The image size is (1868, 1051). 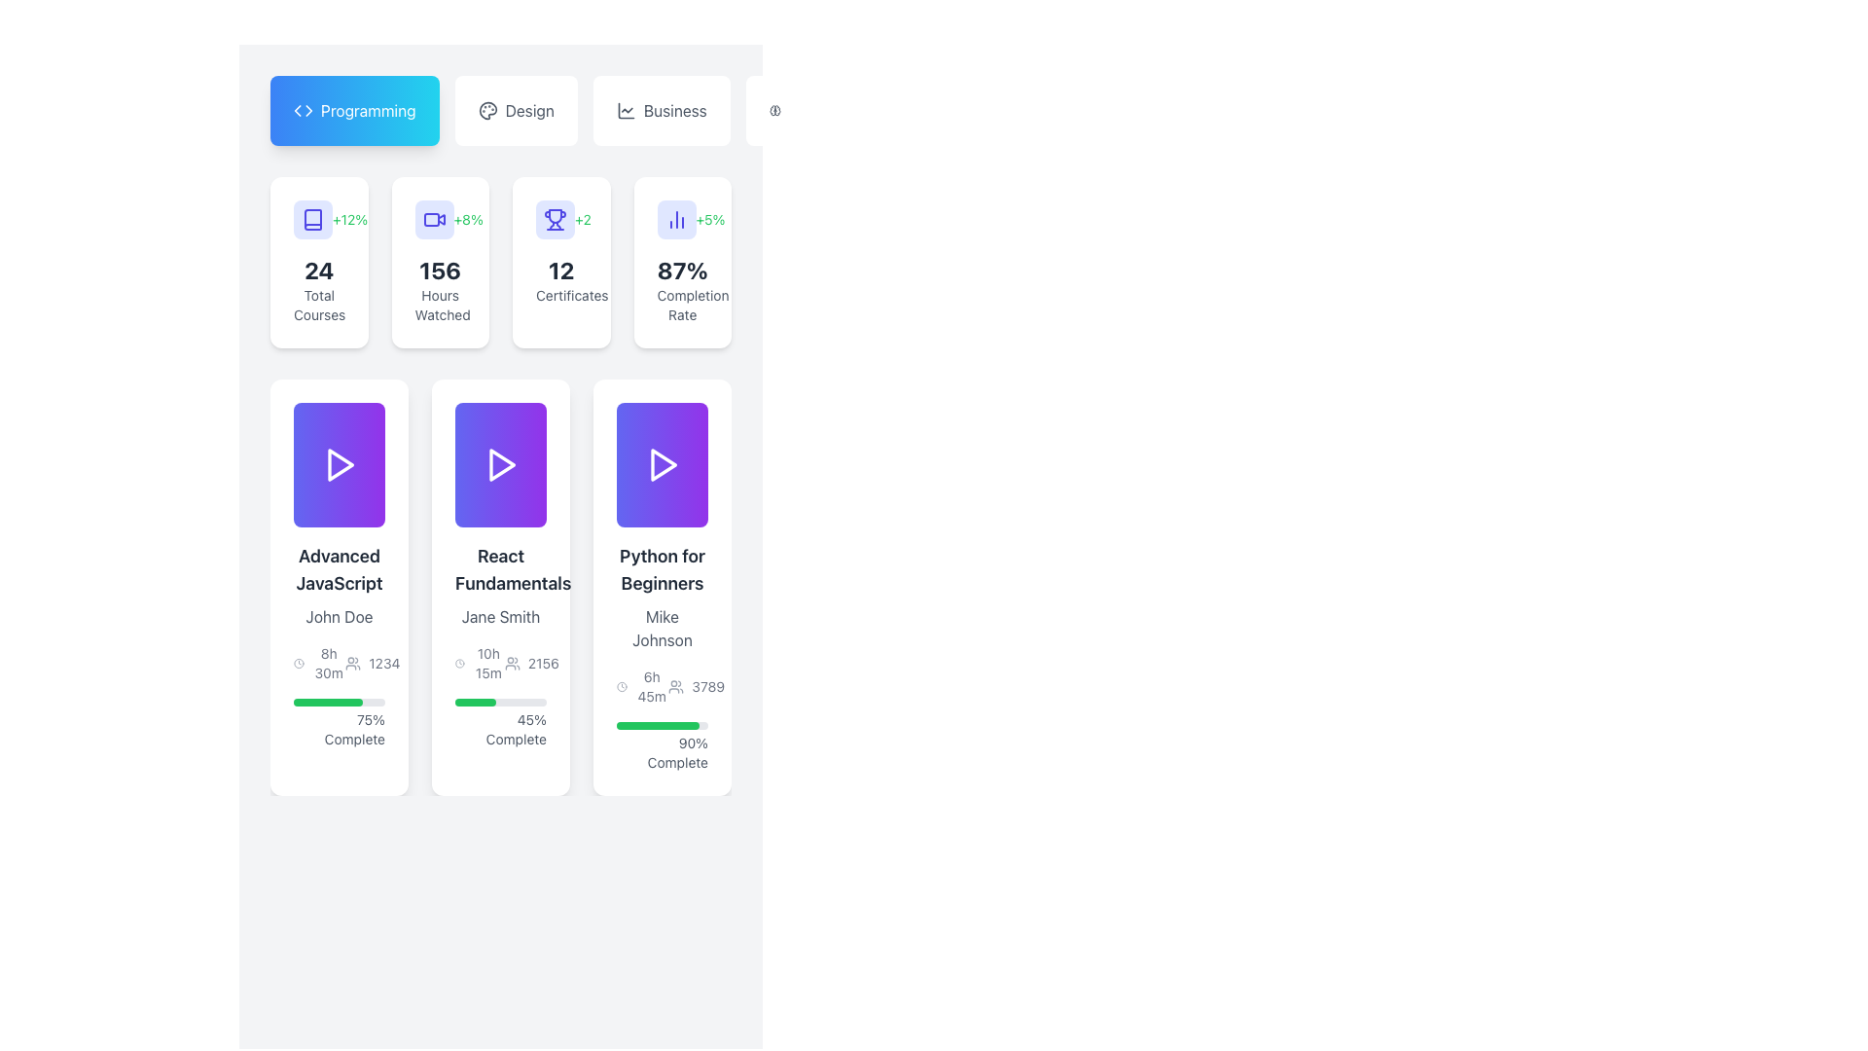 I want to click on the leftmost icon in the navigation group that symbolizes 'courses' or 'library', so click(x=312, y=219).